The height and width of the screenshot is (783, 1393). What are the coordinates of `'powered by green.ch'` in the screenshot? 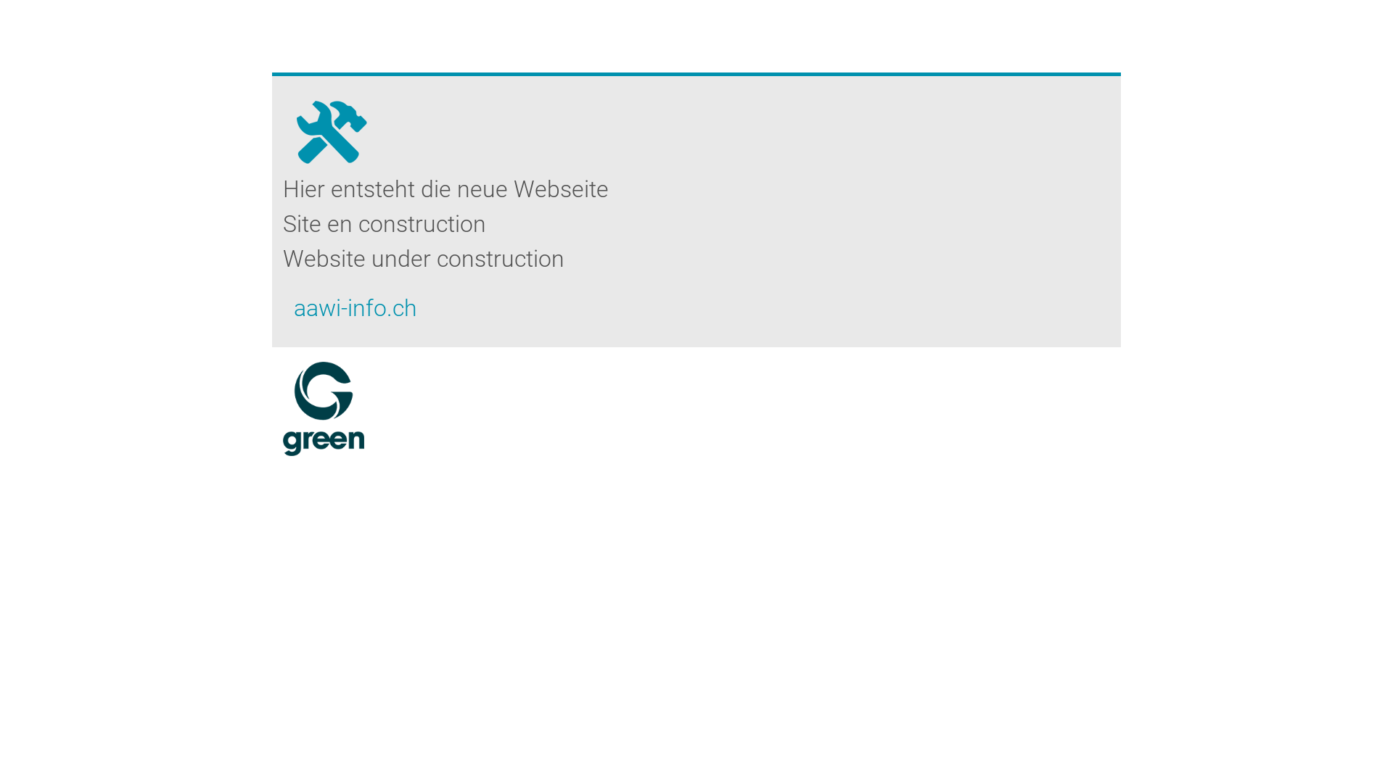 It's located at (323, 408).